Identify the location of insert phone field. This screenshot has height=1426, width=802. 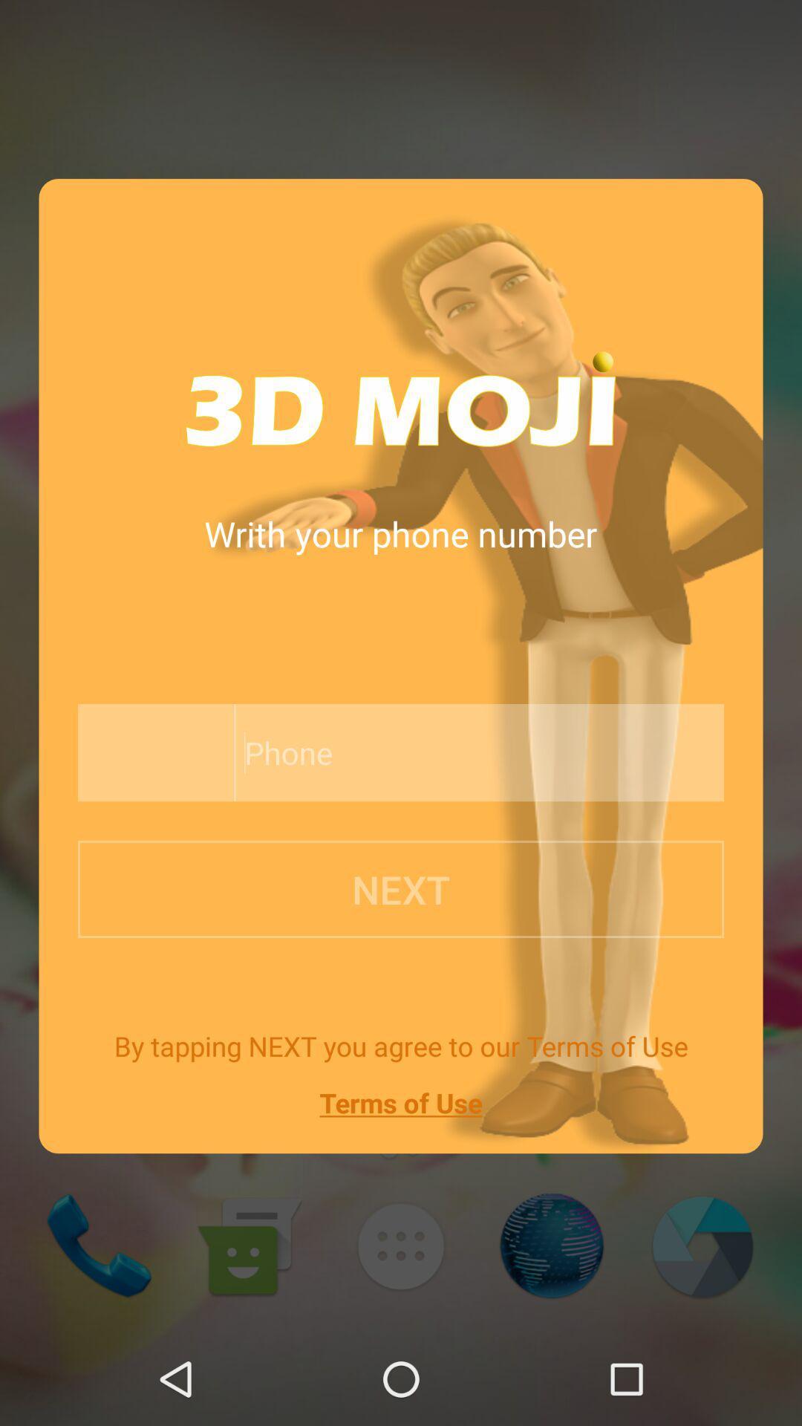
(444, 752).